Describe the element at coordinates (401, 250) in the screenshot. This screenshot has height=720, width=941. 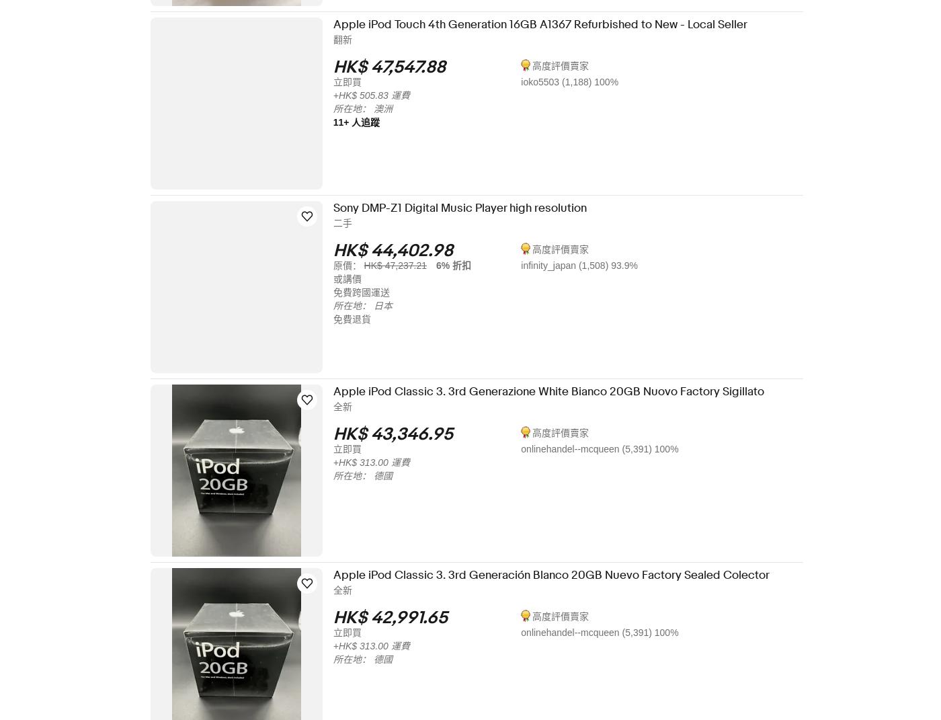
I see `'HK$ 44,402.98'` at that location.